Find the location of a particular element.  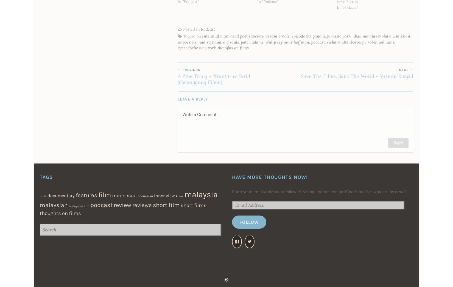

'Leave a Reply' is located at coordinates (192, 99).